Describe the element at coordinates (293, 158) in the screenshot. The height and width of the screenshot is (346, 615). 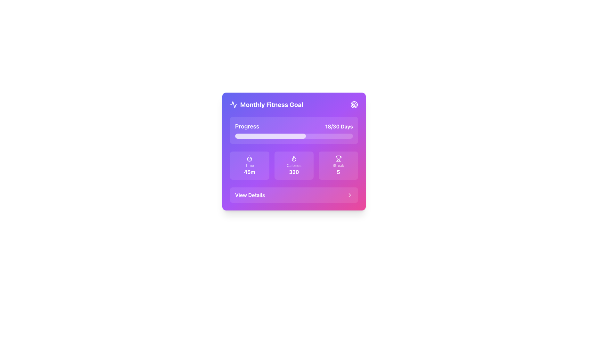
I see `the calorie burning icon, which is the first visual component in the 'Calories' section above the labels 'Calories' and '320'` at that location.